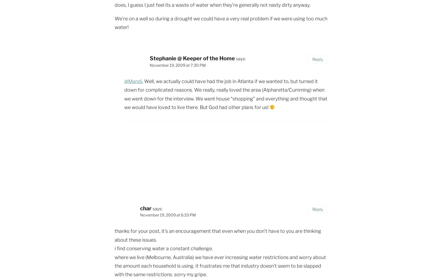 The image size is (442, 277). I want to click on 'i find conserving water a constant challenge.', so click(163, 248).